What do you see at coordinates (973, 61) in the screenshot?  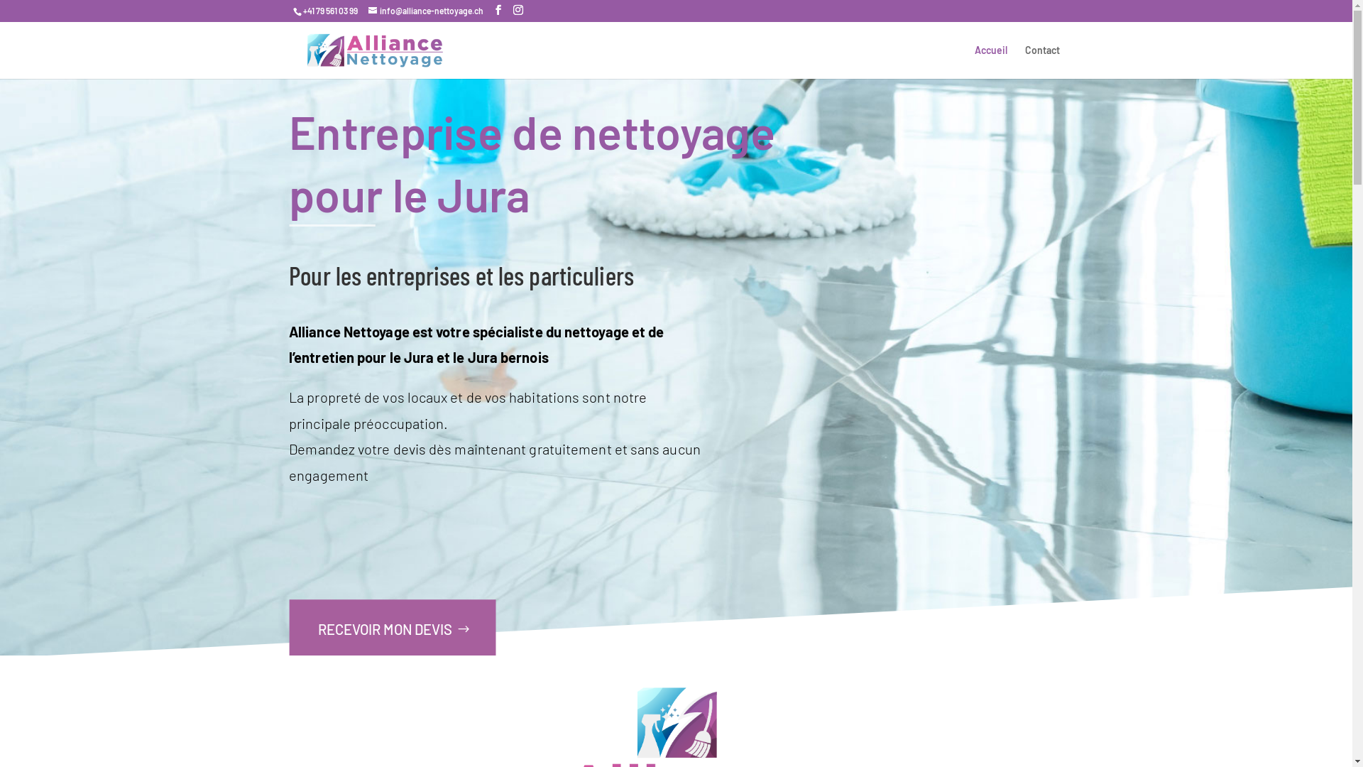 I see `'Accueil'` at bounding box center [973, 61].